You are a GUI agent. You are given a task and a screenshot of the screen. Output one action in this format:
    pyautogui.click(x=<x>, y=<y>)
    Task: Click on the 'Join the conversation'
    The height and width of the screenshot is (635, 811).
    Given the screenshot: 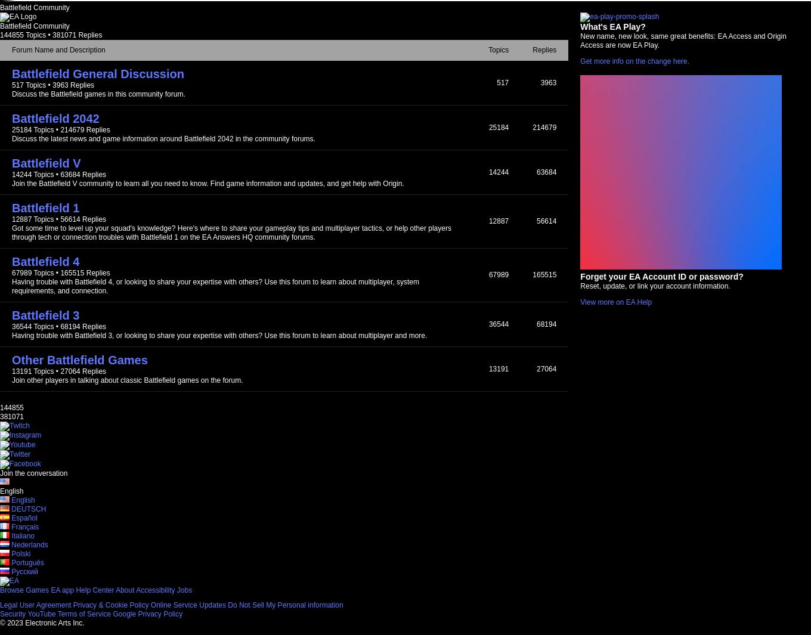 What is the action you would take?
    pyautogui.click(x=0, y=473)
    